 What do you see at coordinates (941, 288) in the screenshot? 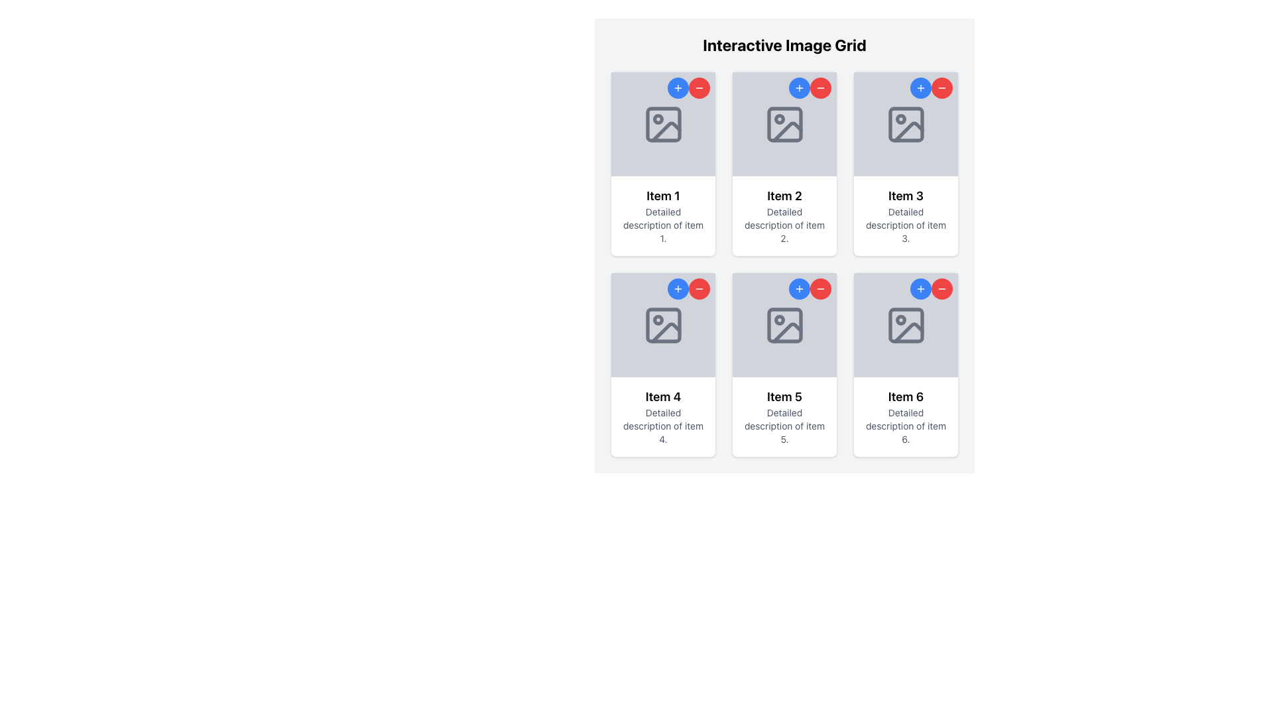
I see `the small circular icon button with a red background and minus symbol ('−') located at the top-right corner of the card labeled 'Item 6'` at bounding box center [941, 288].